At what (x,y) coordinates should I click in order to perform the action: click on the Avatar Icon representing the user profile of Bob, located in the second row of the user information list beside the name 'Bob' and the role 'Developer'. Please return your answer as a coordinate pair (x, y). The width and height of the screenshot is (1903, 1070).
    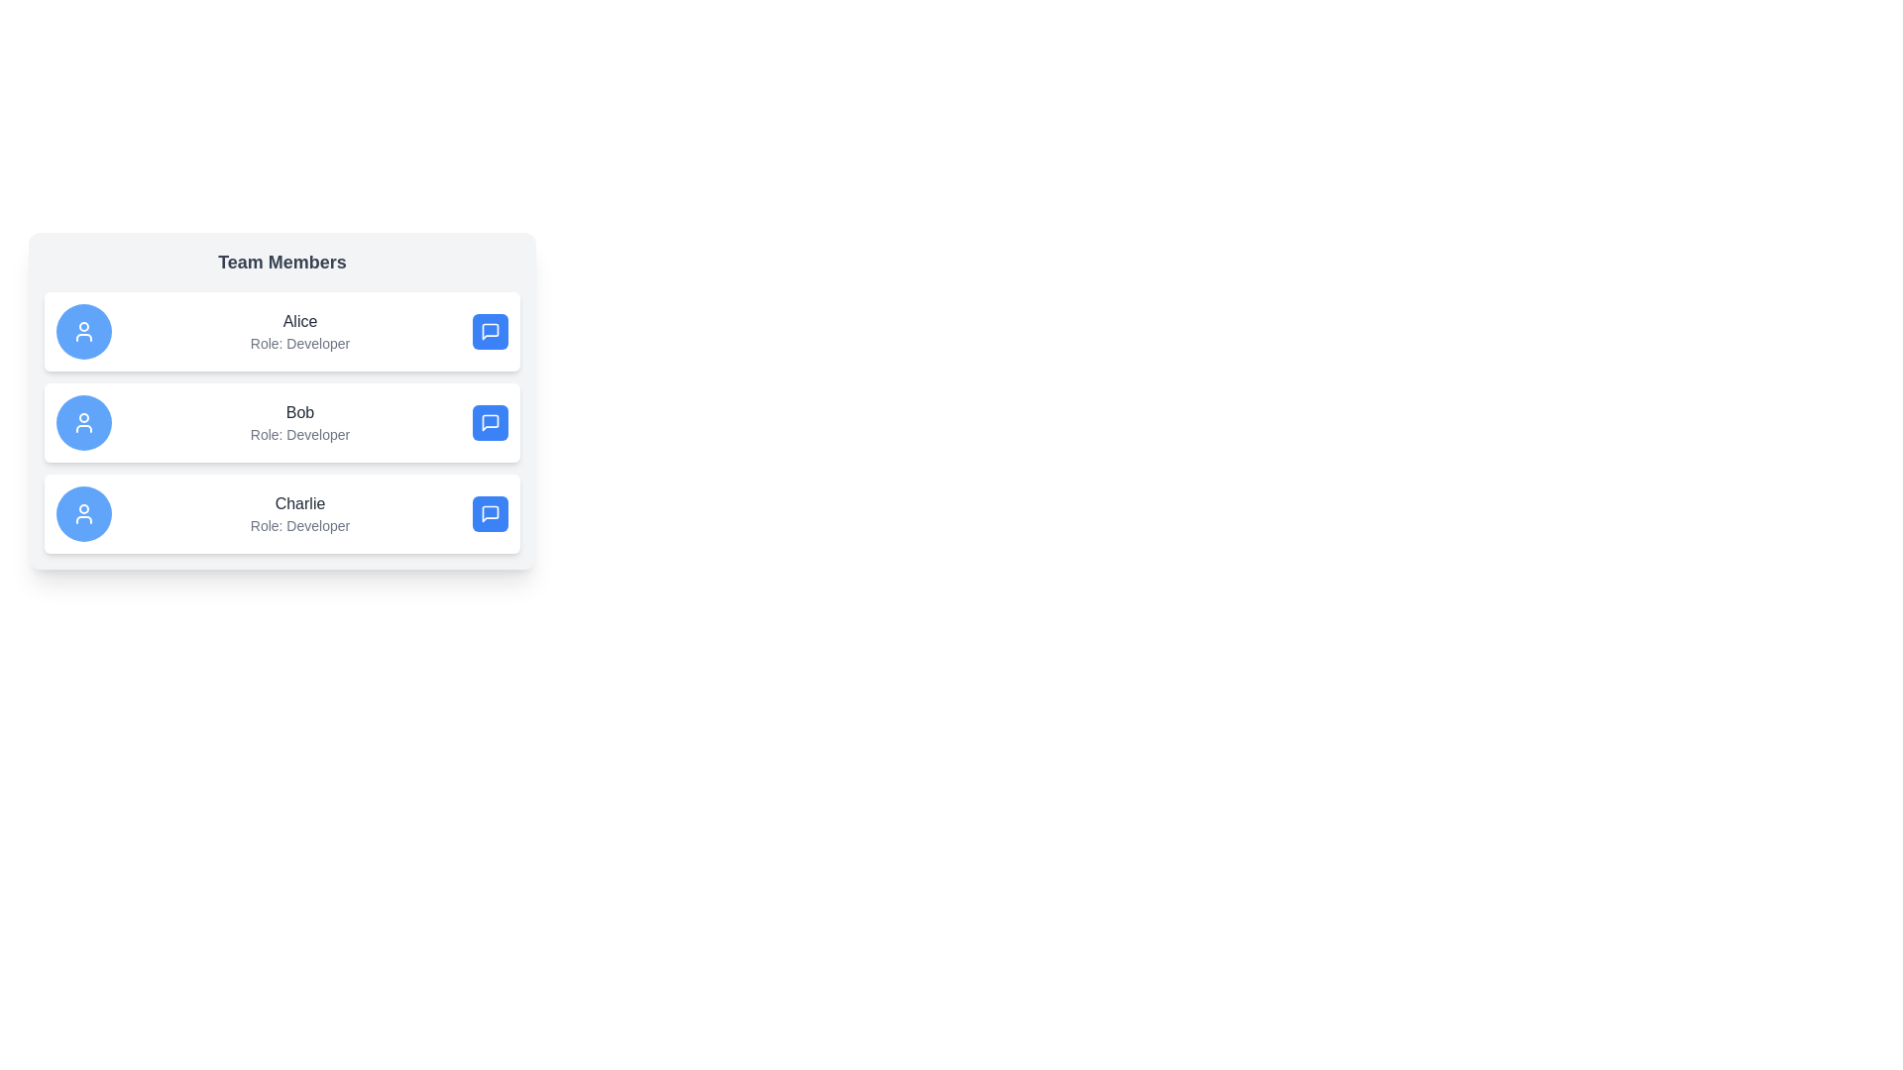
    Looking at the image, I should click on (83, 422).